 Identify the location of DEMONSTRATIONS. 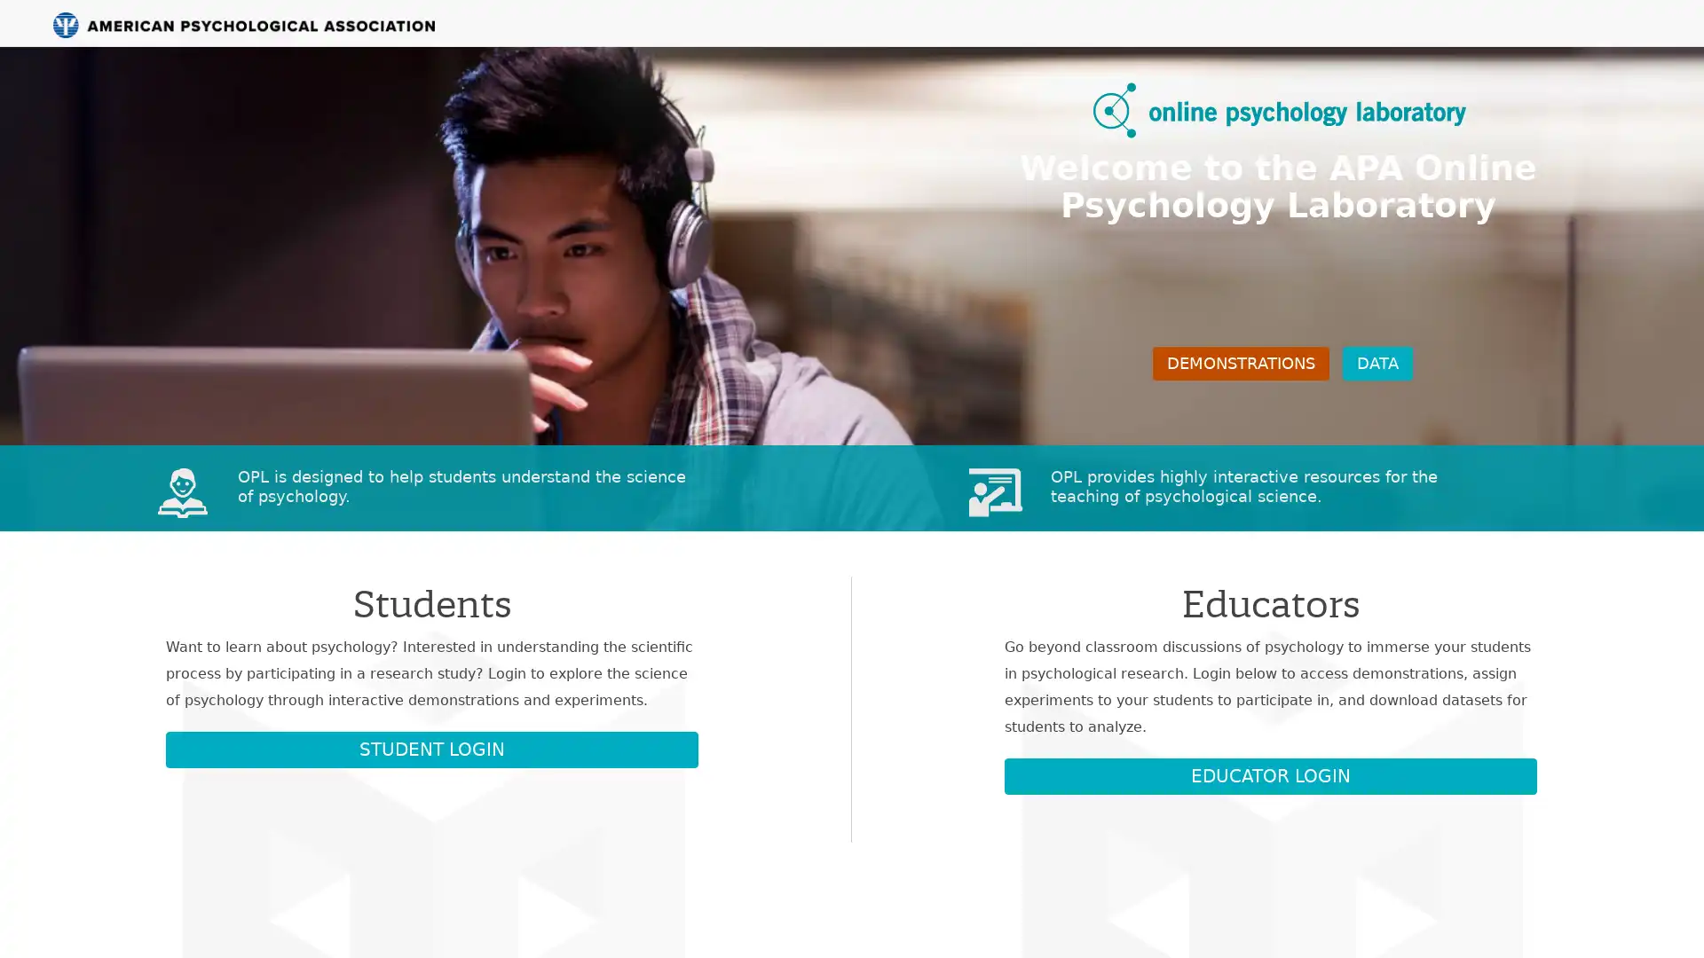
(1239, 362).